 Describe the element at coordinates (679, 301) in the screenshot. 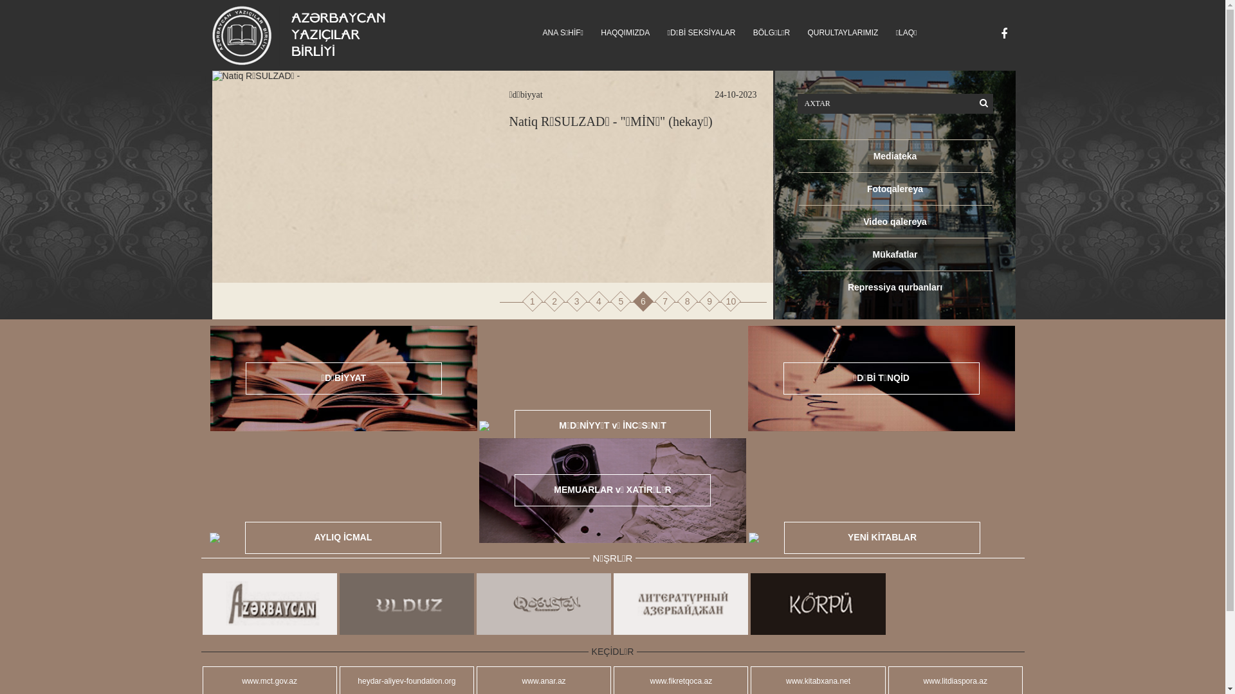

I see `'8'` at that location.